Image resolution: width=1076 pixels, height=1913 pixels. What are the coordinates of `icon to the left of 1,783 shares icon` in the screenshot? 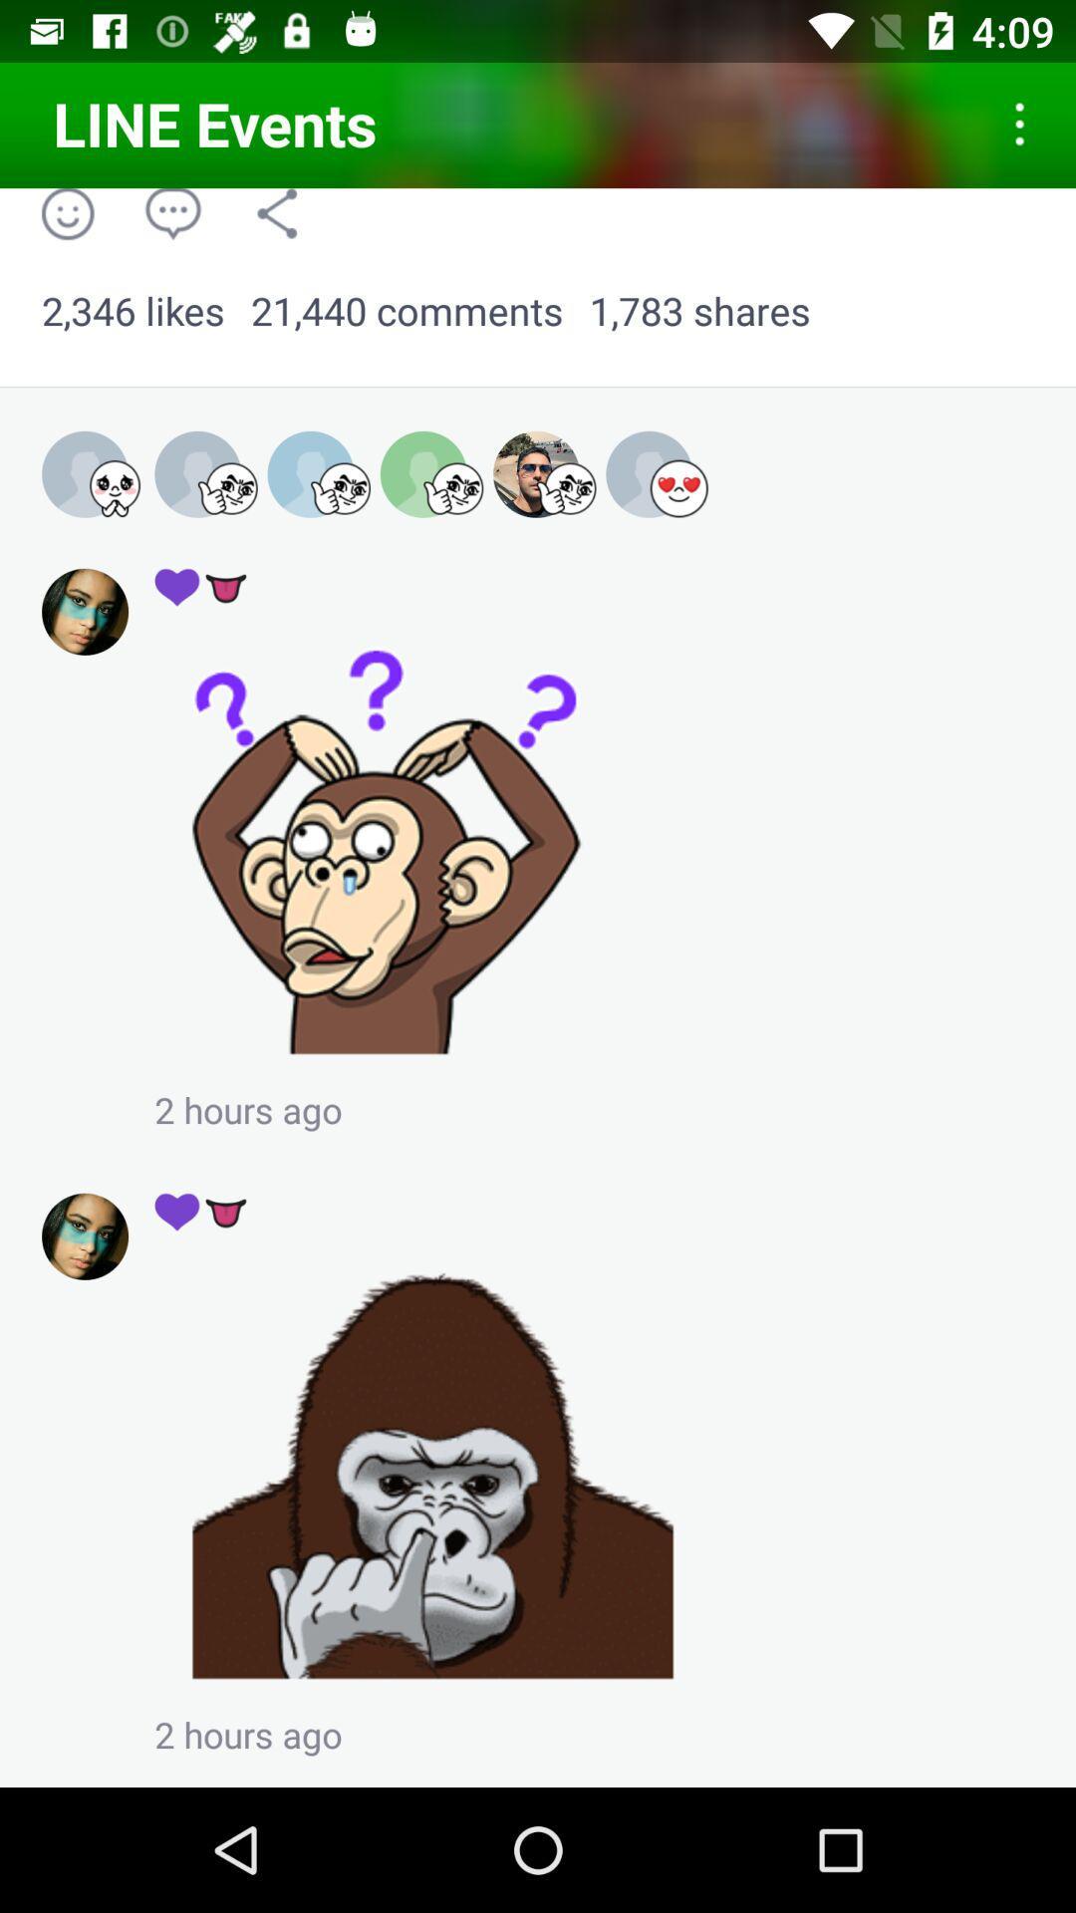 It's located at (405, 311).